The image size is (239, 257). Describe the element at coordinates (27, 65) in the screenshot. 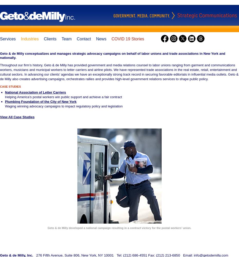

I see `'Throughout our firm’s history, Geto &'` at that location.